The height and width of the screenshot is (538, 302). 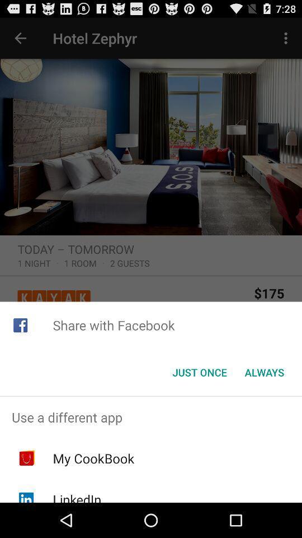 I want to click on the icon to the left of the always, so click(x=199, y=372).